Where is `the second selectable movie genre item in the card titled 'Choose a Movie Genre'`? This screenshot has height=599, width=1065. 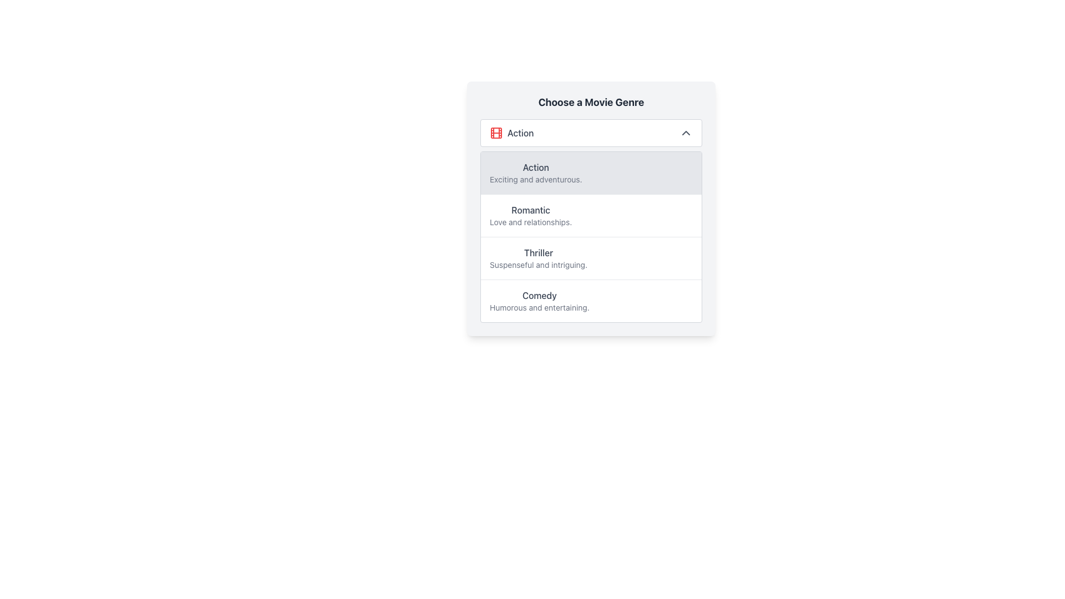 the second selectable movie genre item in the card titled 'Choose a Movie Genre' is located at coordinates (590, 209).